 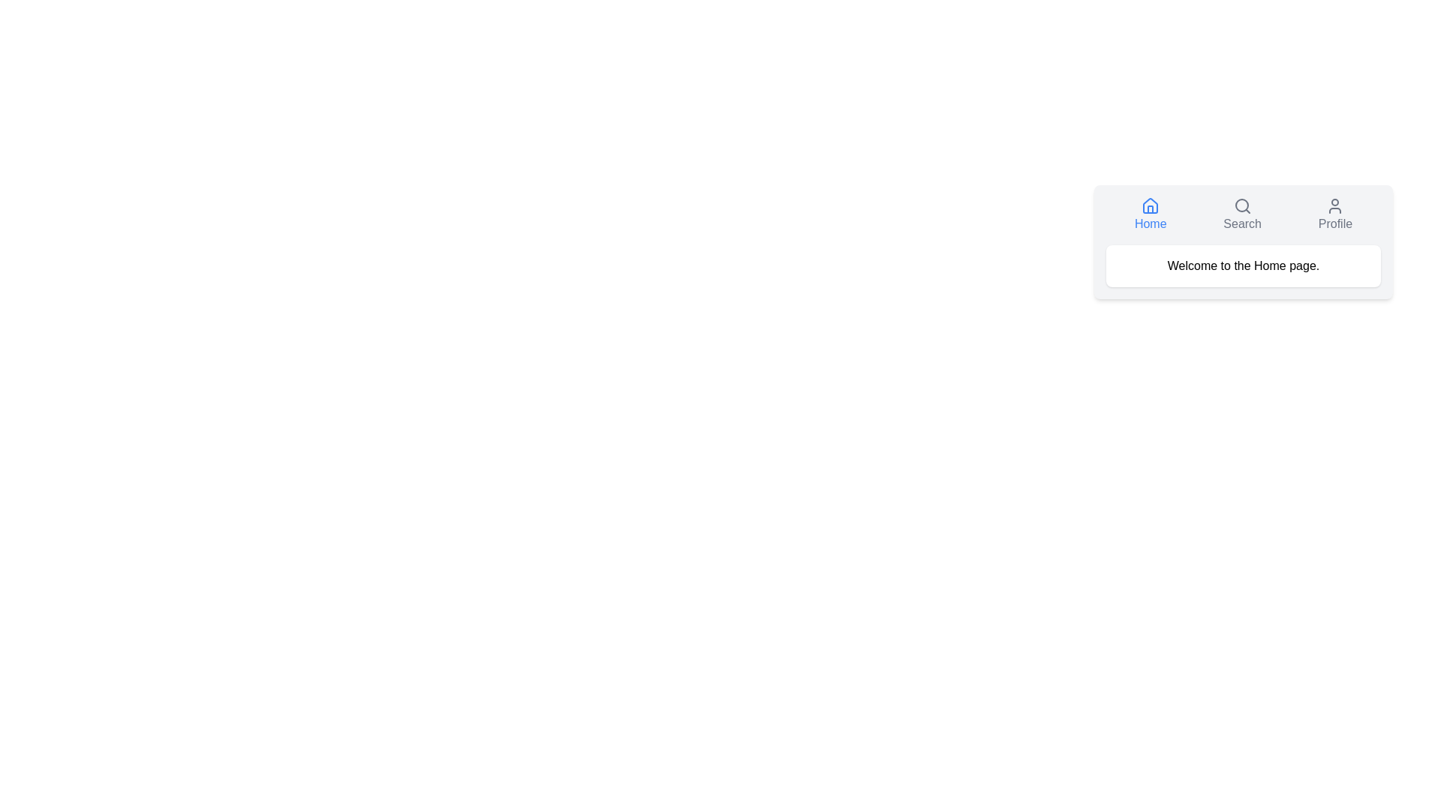 What do you see at coordinates (1243, 214) in the screenshot?
I see `the Navigation Bar which contains the items 'Home', 'Search', and 'Profile', located at the center of the white rectangular area` at bounding box center [1243, 214].